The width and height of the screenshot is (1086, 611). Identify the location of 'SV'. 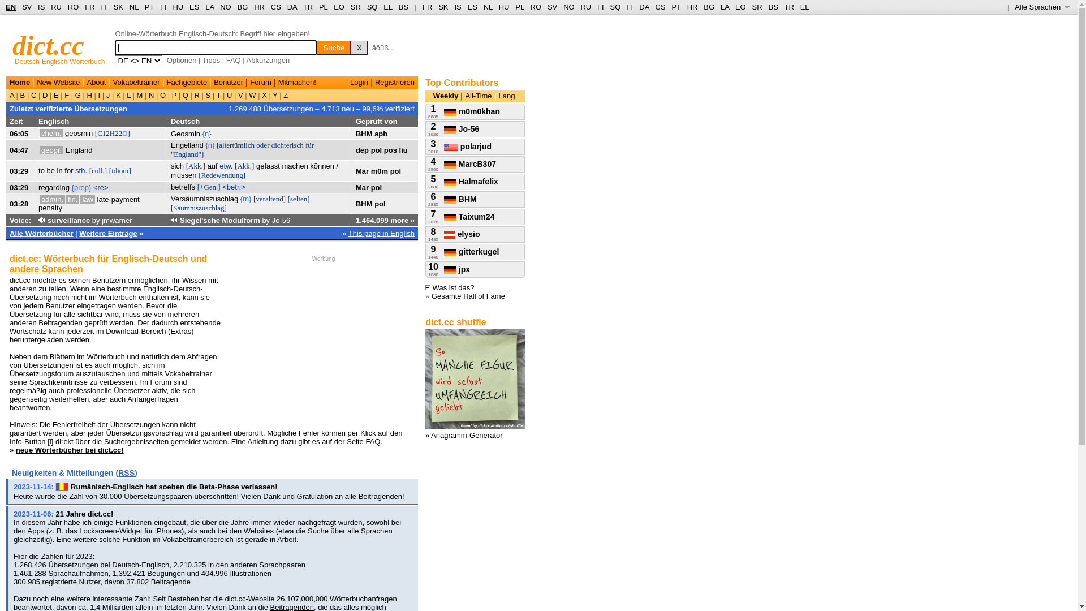
(27, 7).